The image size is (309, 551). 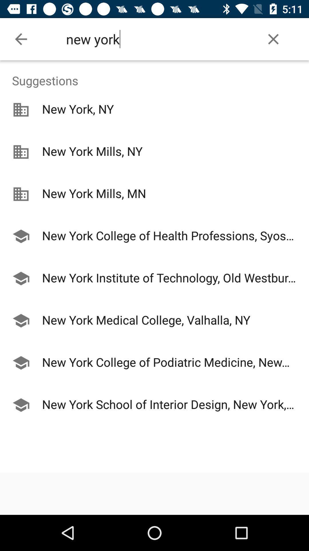 What do you see at coordinates (154, 215) in the screenshot?
I see `icon below suggestions icon` at bounding box center [154, 215].